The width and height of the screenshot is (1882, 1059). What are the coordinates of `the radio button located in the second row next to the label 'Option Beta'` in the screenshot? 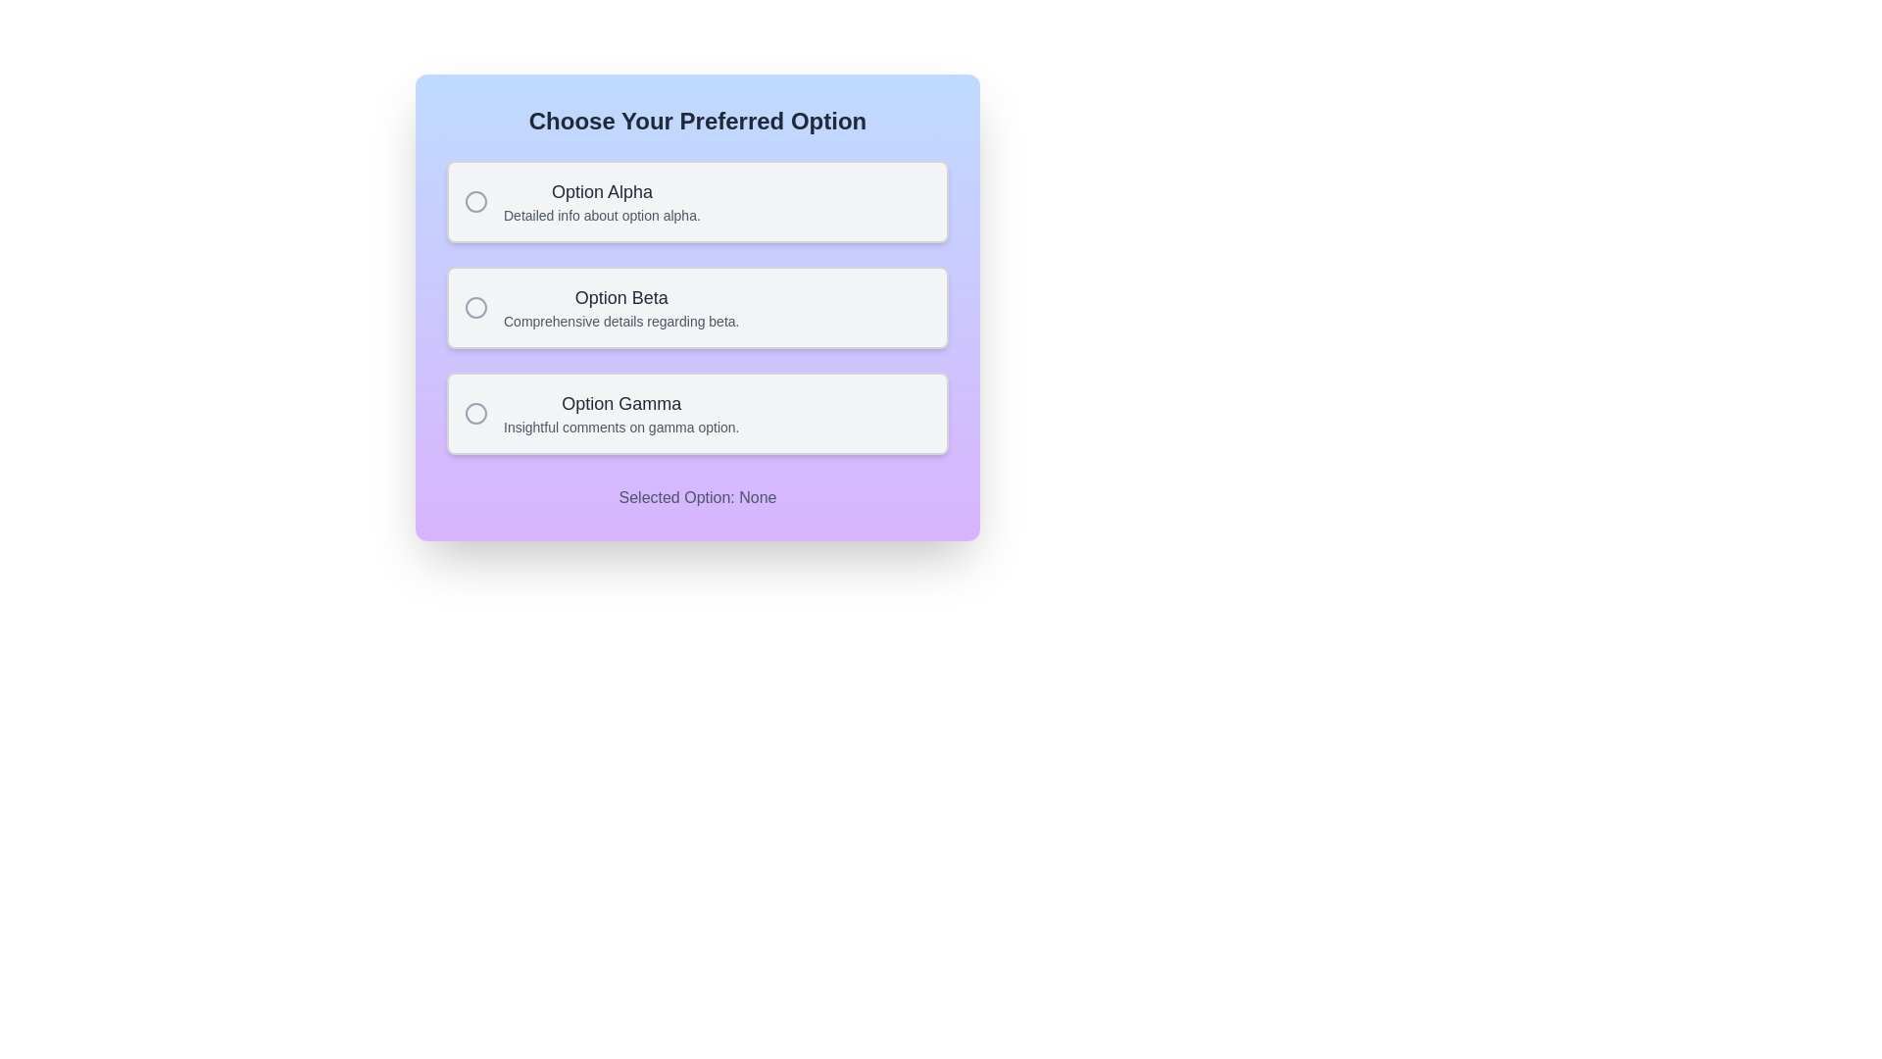 It's located at (475, 307).